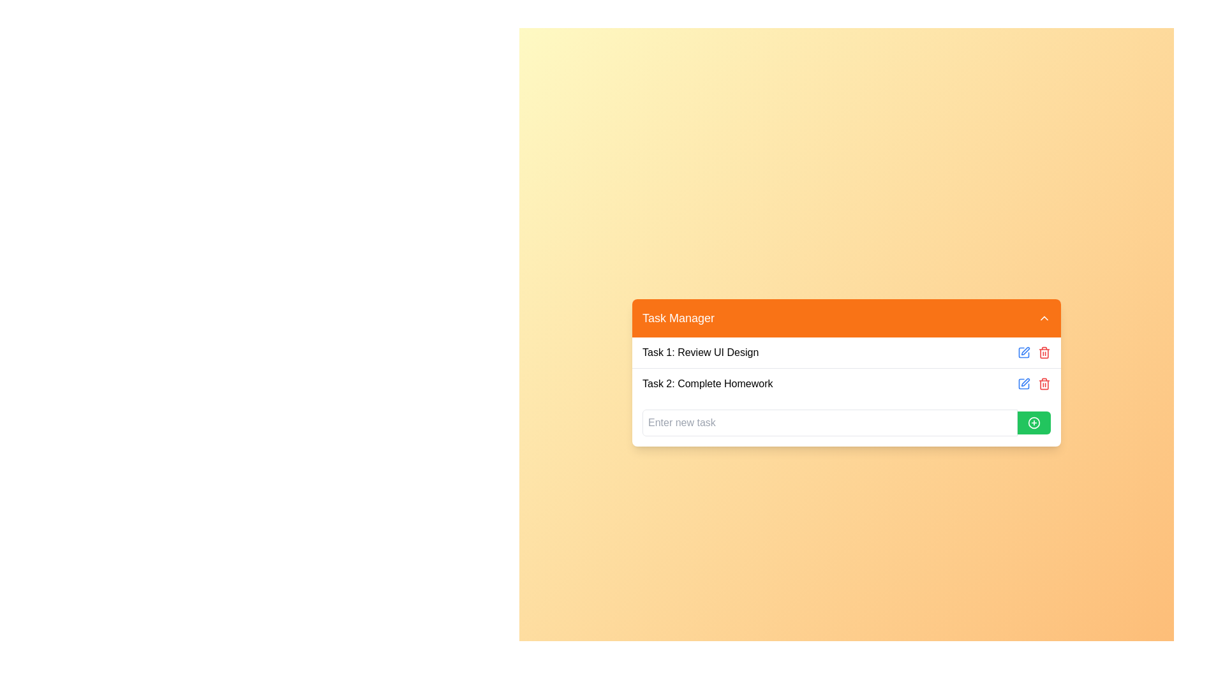 This screenshot has width=1225, height=689. What do you see at coordinates (707, 383) in the screenshot?
I see `the text label that describes the task, positioned below 'Task 1: Review UI Design' and above the text input field for adding a new task` at bounding box center [707, 383].